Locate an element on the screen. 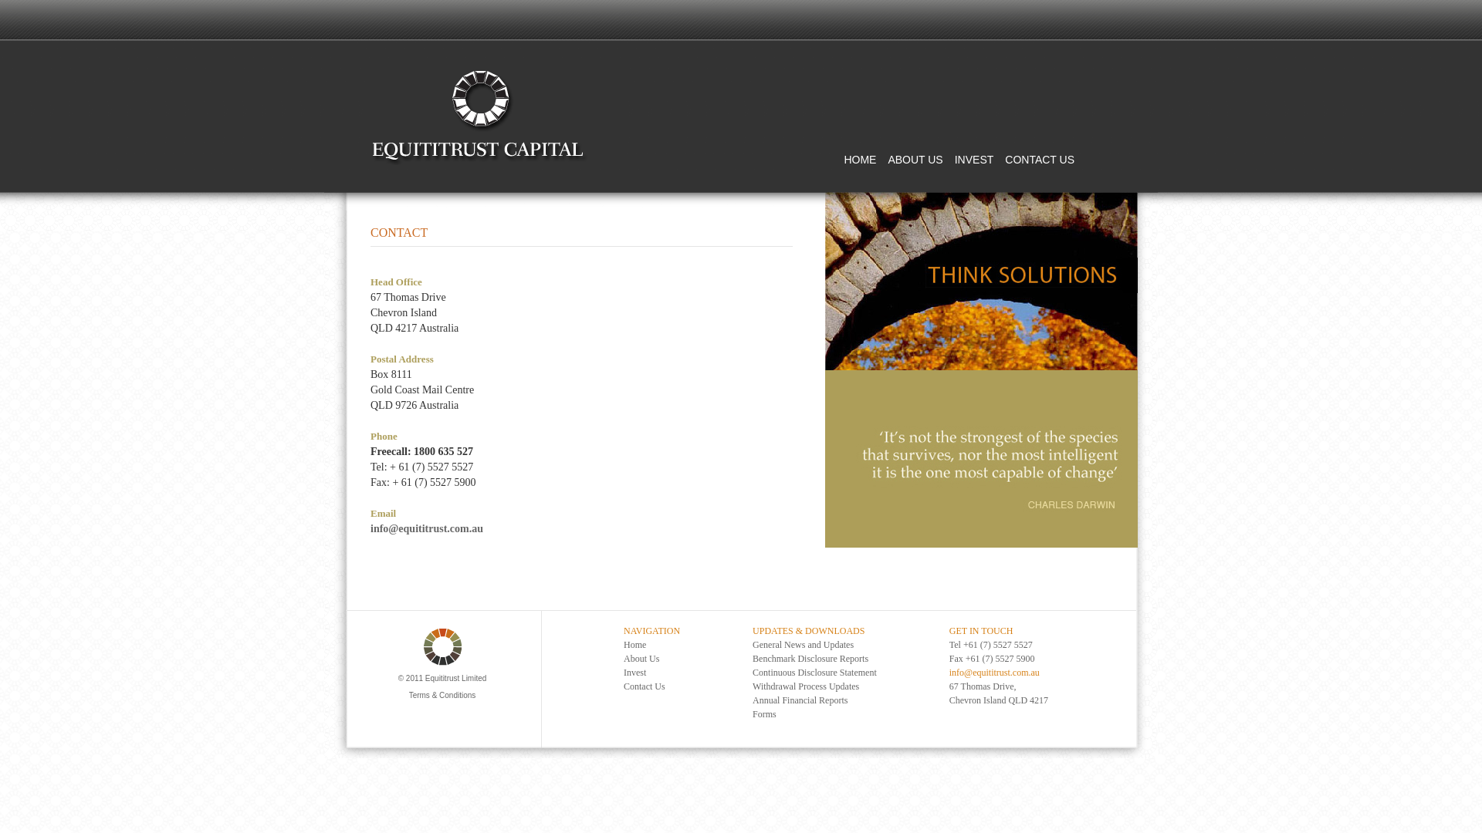 This screenshot has height=833, width=1482. 'Benchmark Disclosure Reports' is located at coordinates (810, 658).